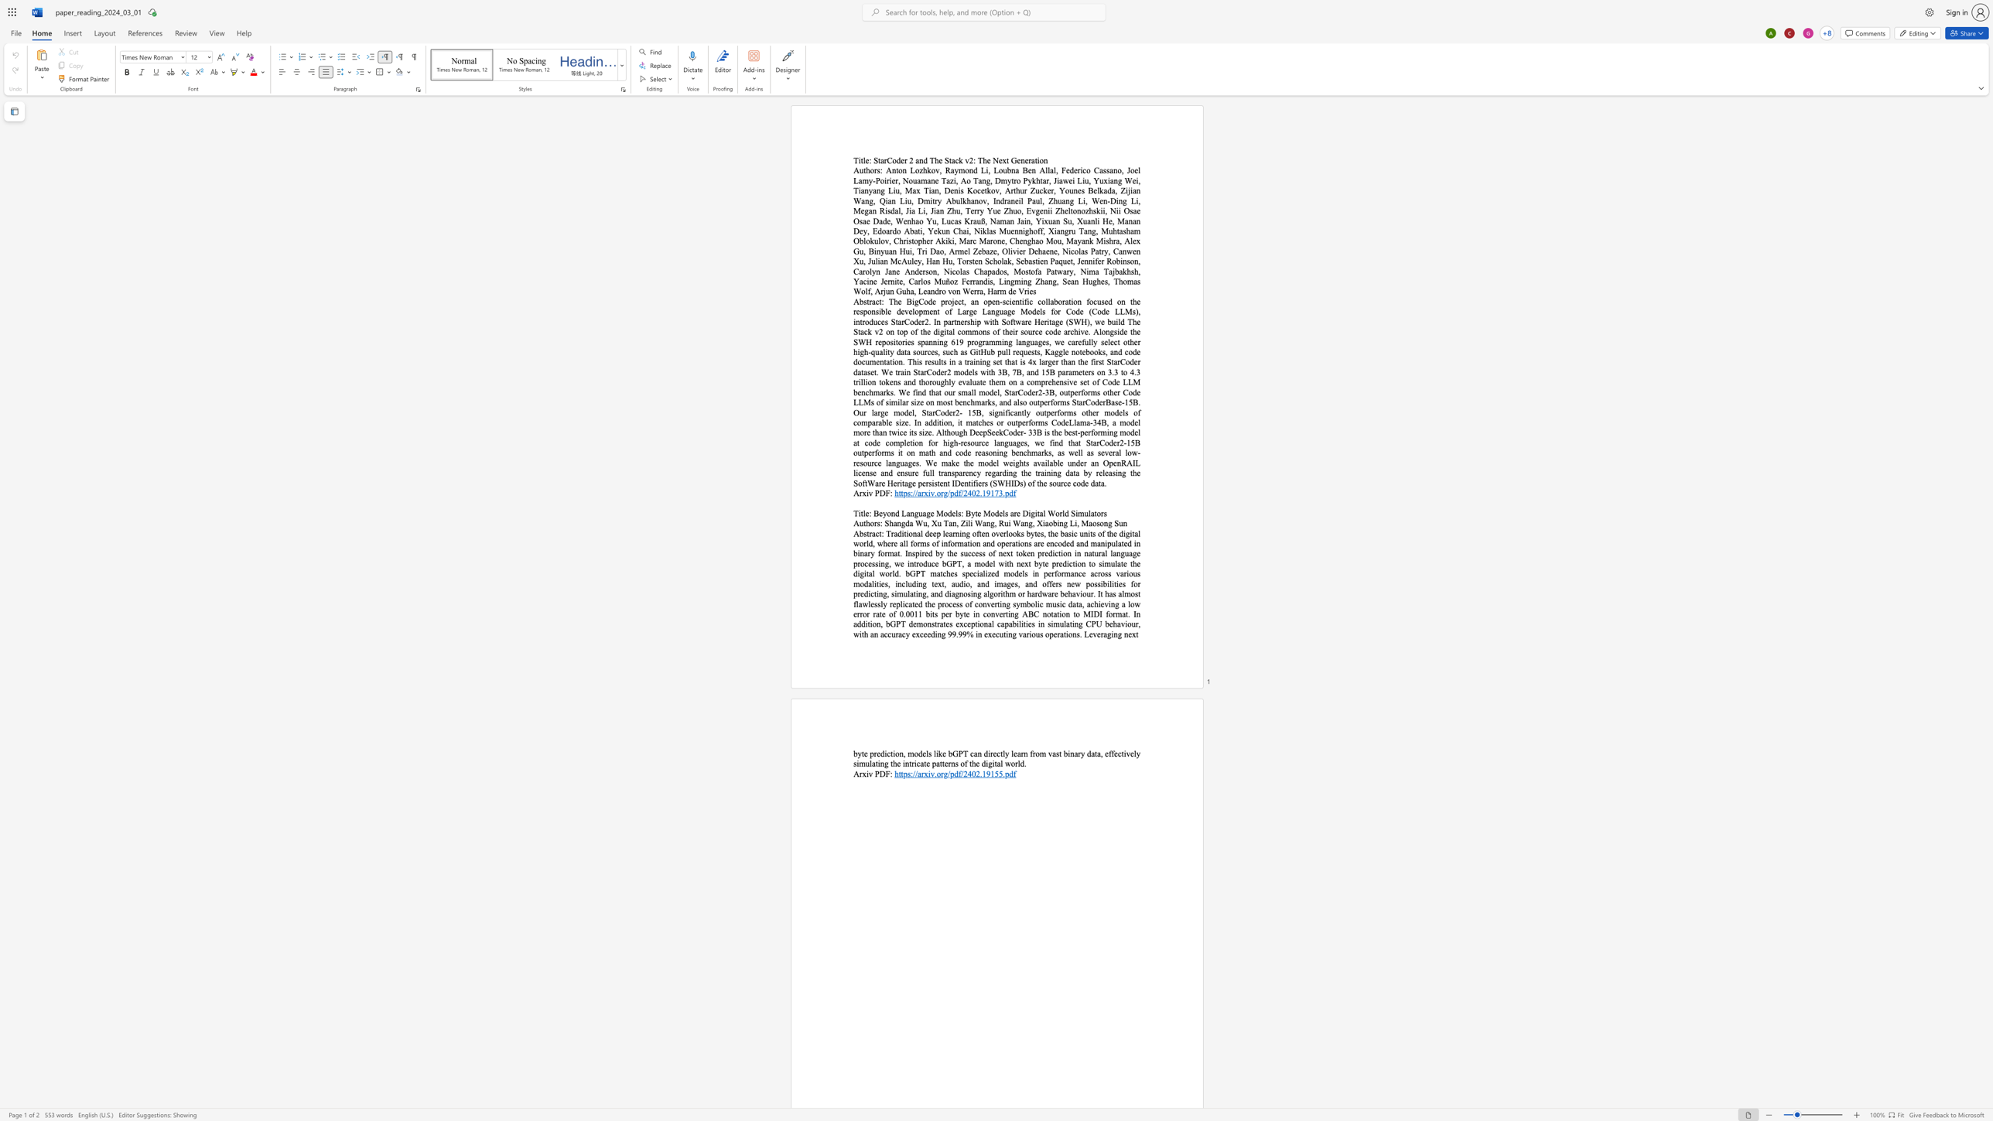 Image resolution: width=1993 pixels, height=1121 pixels. I want to click on the space between the continuous character "S" and "u" in the text, so click(1119, 523).